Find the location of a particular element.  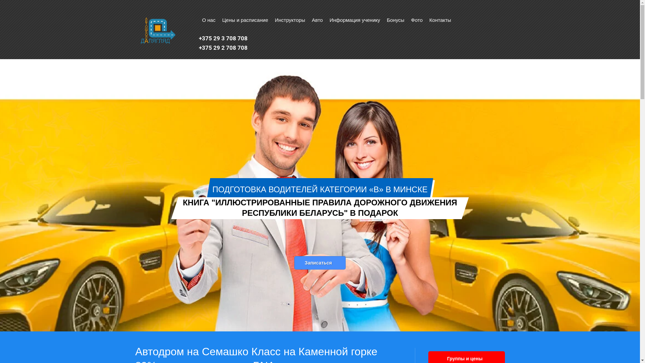

'+375 29 3 708 708' is located at coordinates (223, 38).